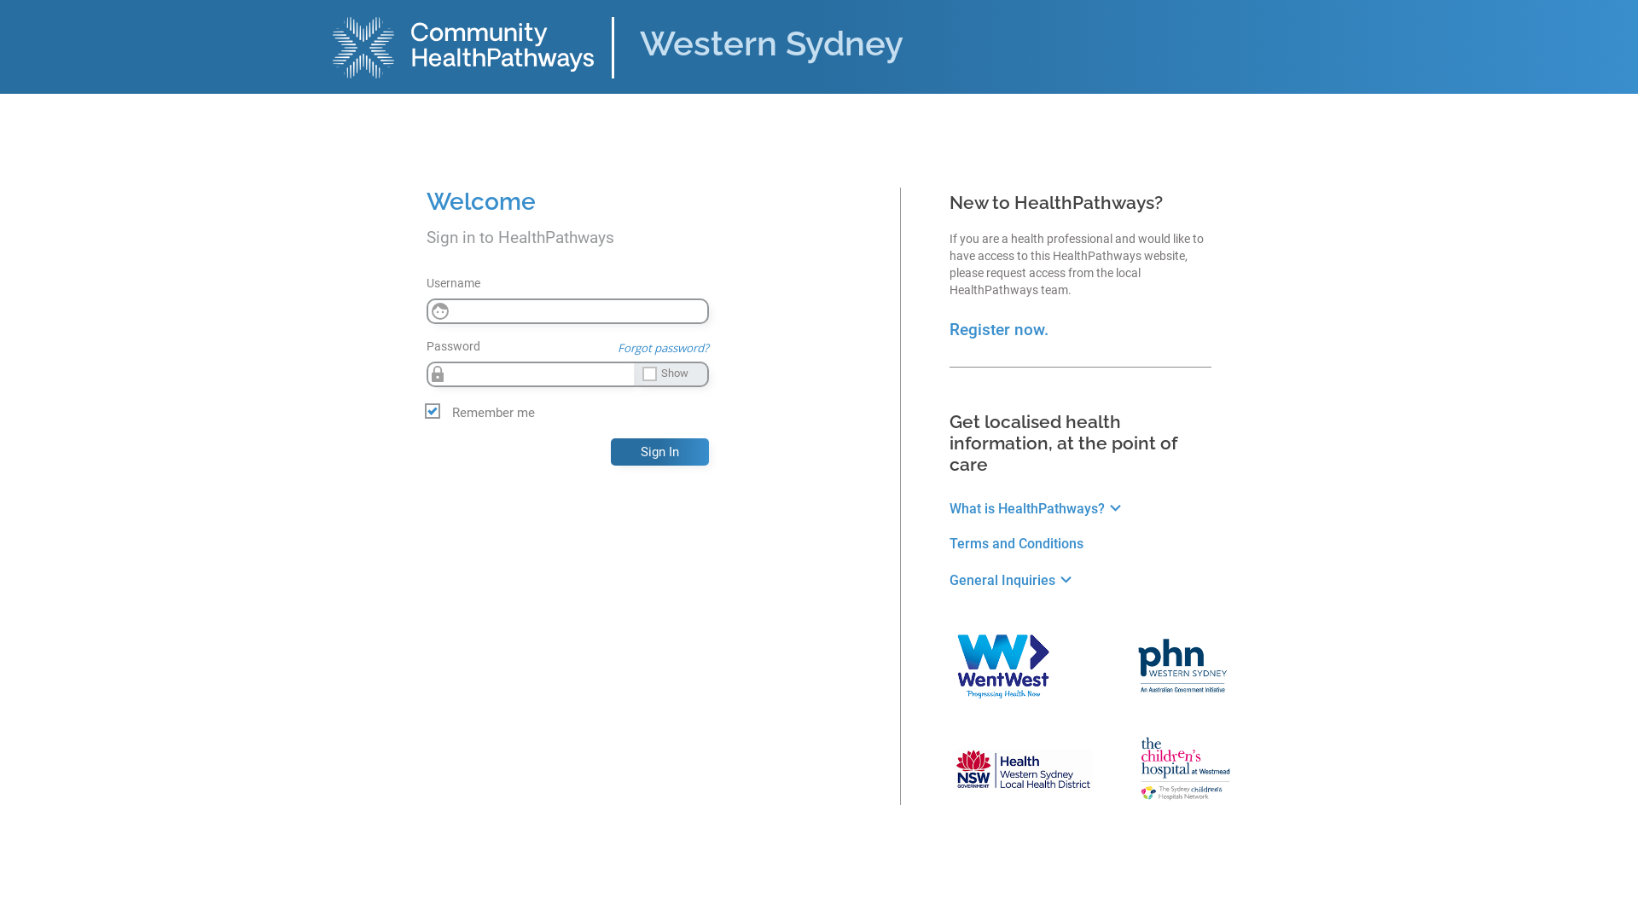 The width and height of the screenshot is (1638, 921). What do you see at coordinates (1013, 579) in the screenshot?
I see `'General Inquiriesexpand_more'` at bounding box center [1013, 579].